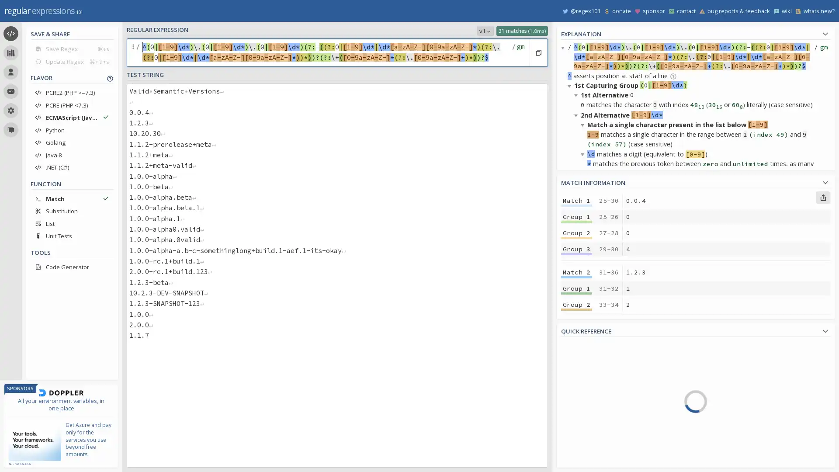 The height and width of the screenshot is (472, 839). Describe the element at coordinates (602, 424) in the screenshot. I see `Quantifiers` at that location.